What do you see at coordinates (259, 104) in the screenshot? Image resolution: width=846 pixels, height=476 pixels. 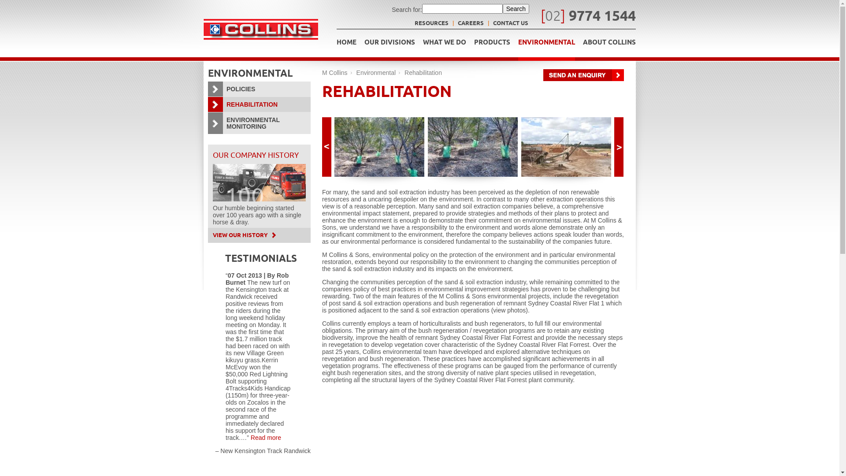 I see `'REHABILITATION'` at bounding box center [259, 104].